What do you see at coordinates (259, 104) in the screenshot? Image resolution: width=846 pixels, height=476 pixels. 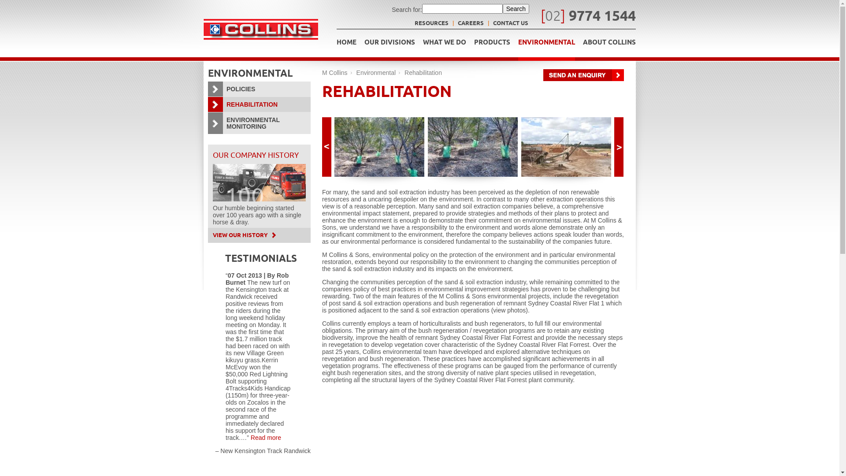 I see `'REHABILITATION'` at bounding box center [259, 104].